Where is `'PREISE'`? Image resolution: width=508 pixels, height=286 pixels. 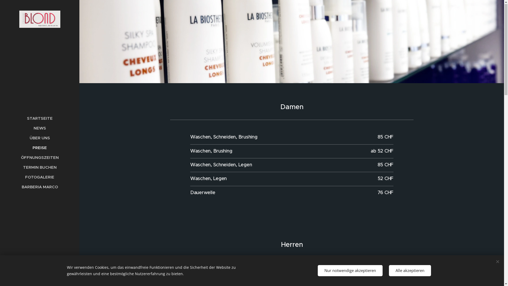 'PREISE' is located at coordinates (39, 148).